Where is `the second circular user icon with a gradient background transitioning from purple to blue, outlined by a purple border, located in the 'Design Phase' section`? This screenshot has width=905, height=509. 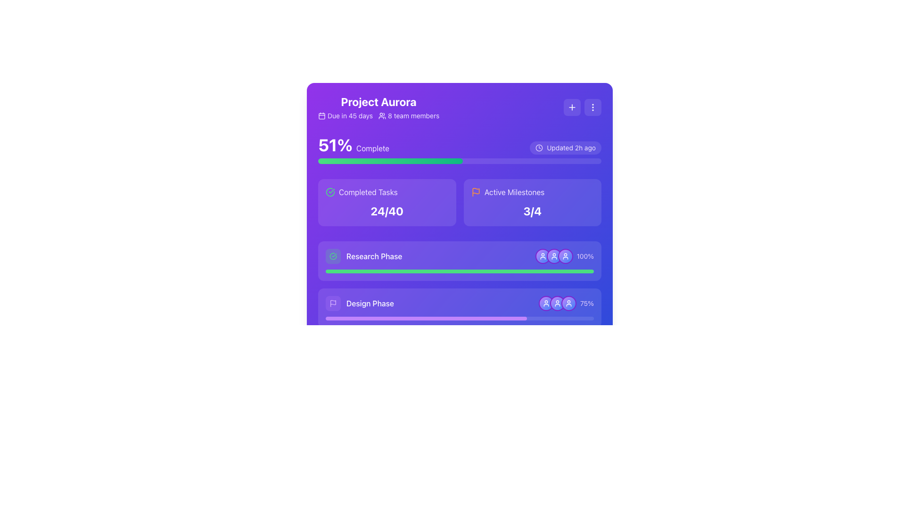 the second circular user icon with a gradient background transitioning from purple to blue, outlined by a purple border, located in the 'Design Phase' section is located at coordinates (557, 304).